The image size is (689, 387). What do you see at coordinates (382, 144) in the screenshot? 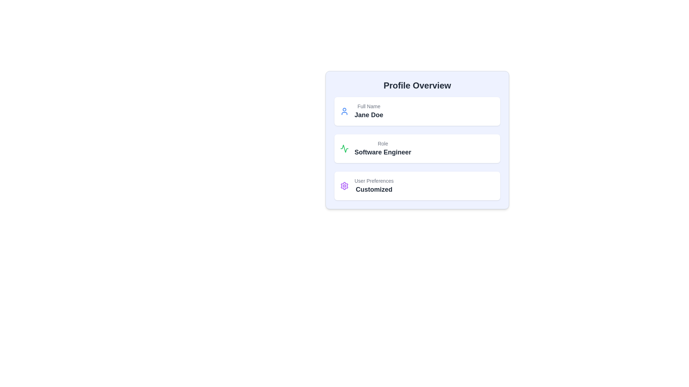
I see `the small text label reading 'Role' located above the 'Software Engineer' text in the Profile Overview card` at bounding box center [382, 144].